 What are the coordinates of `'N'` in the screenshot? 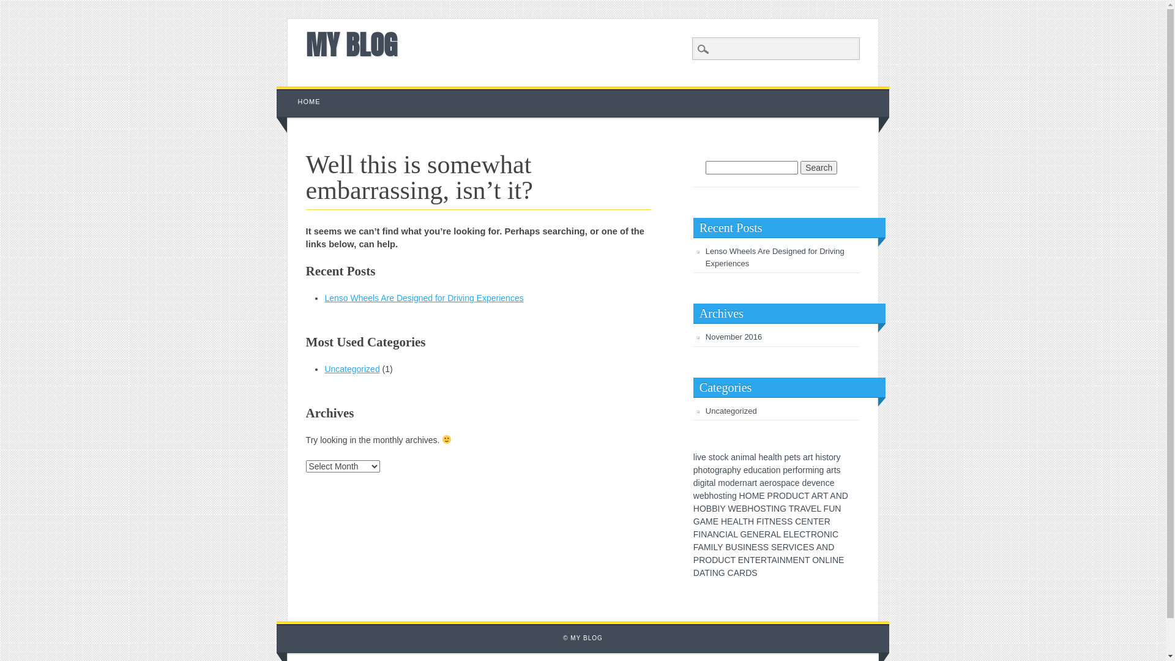 It's located at (838, 496).